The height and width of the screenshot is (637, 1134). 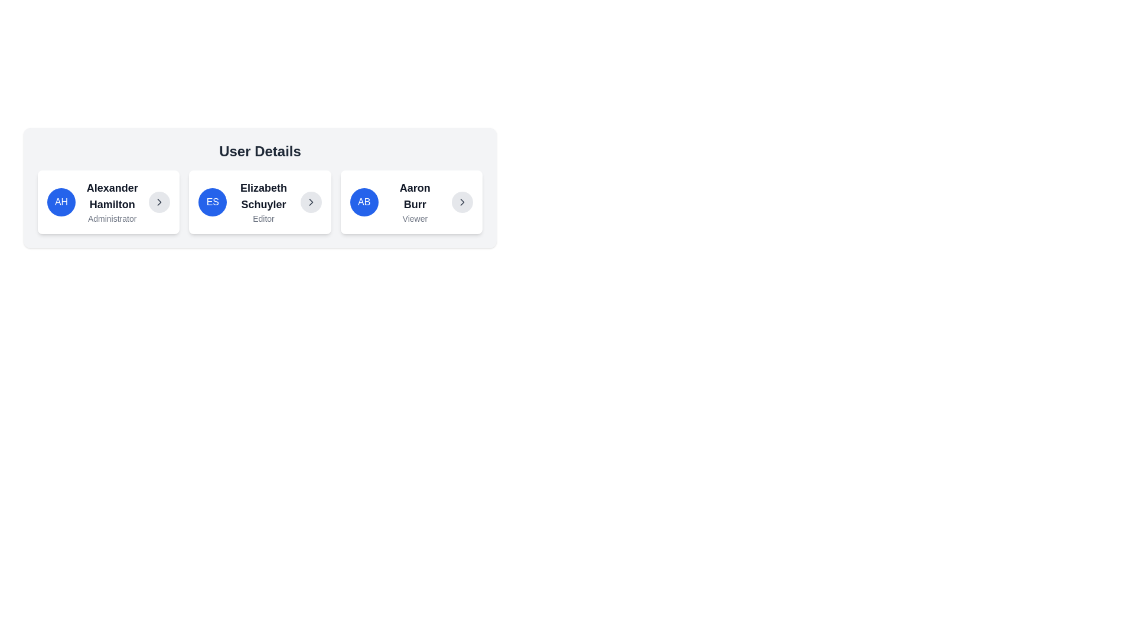 What do you see at coordinates (159, 202) in the screenshot?
I see `the circular button with a gray background and a right-pointing chevron icon, located in the rightmost position of the card displaying 'Alexander Hamilton, Administrator'` at bounding box center [159, 202].